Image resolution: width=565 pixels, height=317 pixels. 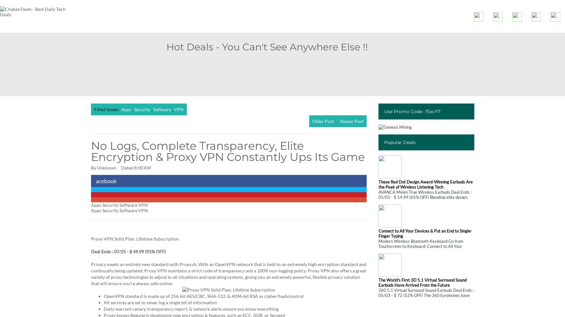 What do you see at coordinates (94, 167) in the screenshot?
I see `'By'` at bounding box center [94, 167].